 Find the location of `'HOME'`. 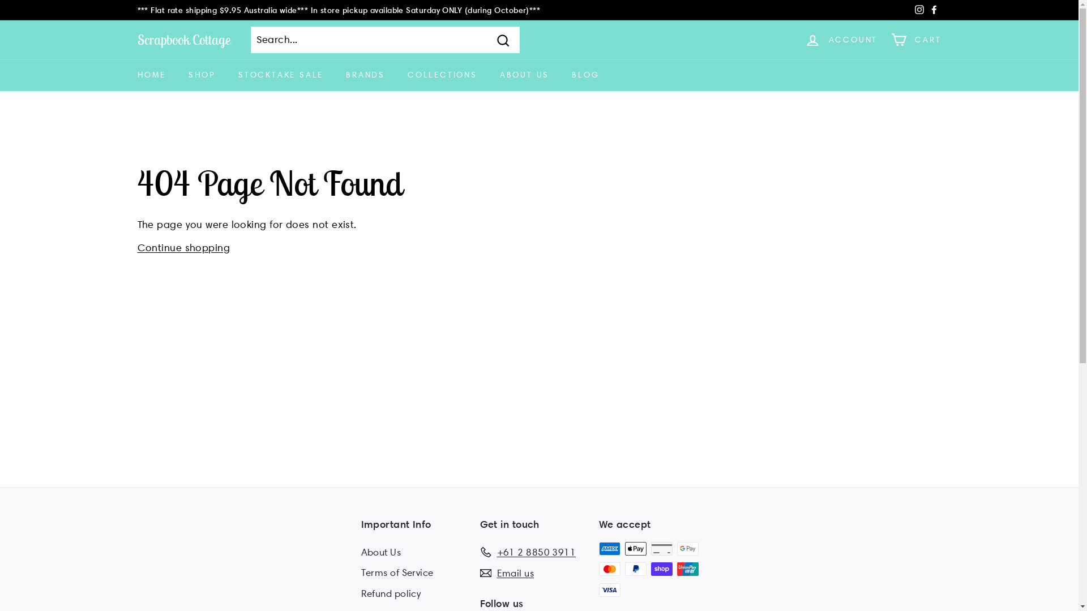

'HOME' is located at coordinates (151, 75).